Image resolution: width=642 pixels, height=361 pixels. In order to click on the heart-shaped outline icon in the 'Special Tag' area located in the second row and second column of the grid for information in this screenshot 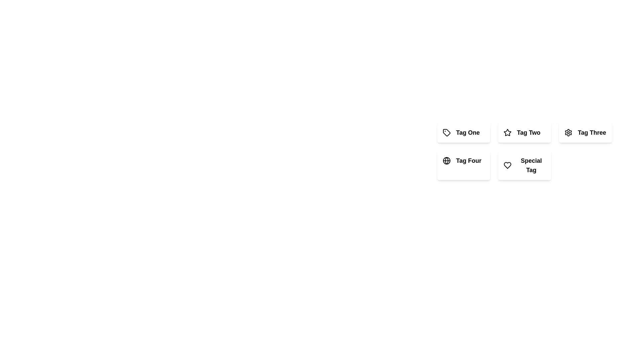, I will do `click(507, 165)`.